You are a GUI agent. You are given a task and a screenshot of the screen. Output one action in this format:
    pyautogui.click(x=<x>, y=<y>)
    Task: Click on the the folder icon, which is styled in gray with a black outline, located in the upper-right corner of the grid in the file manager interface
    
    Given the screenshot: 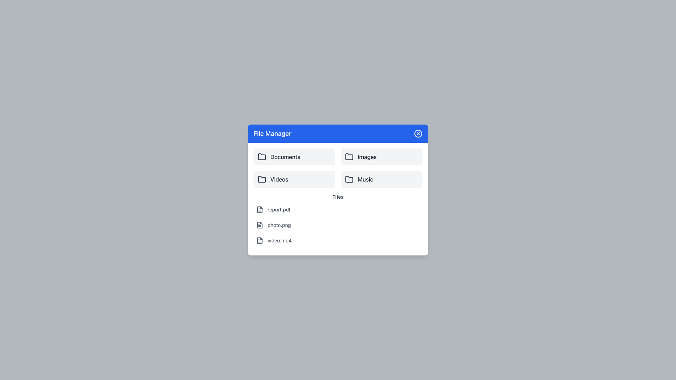 What is the action you would take?
    pyautogui.click(x=349, y=156)
    